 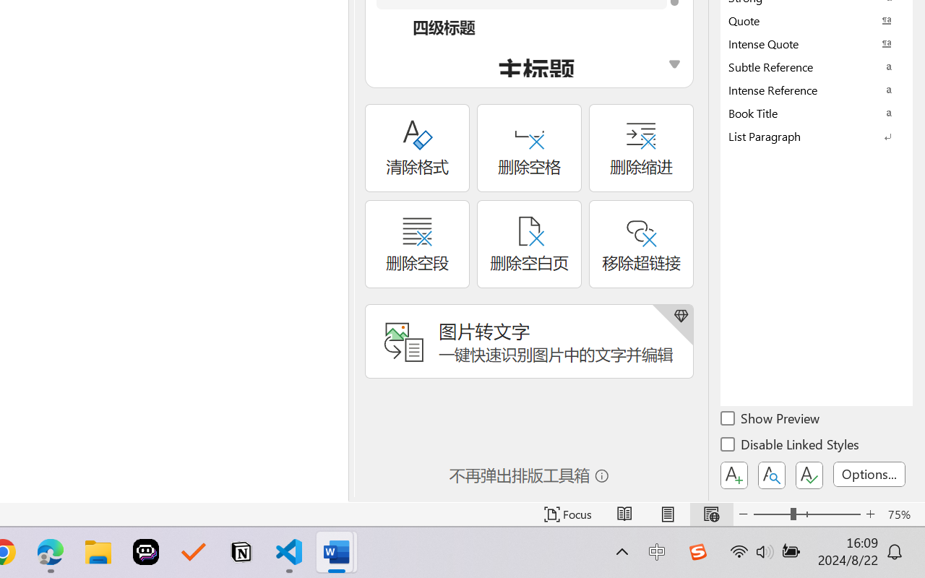 What do you see at coordinates (817, 89) in the screenshot?
I see `'Intense Reference'` at bounding box center [817, 89].